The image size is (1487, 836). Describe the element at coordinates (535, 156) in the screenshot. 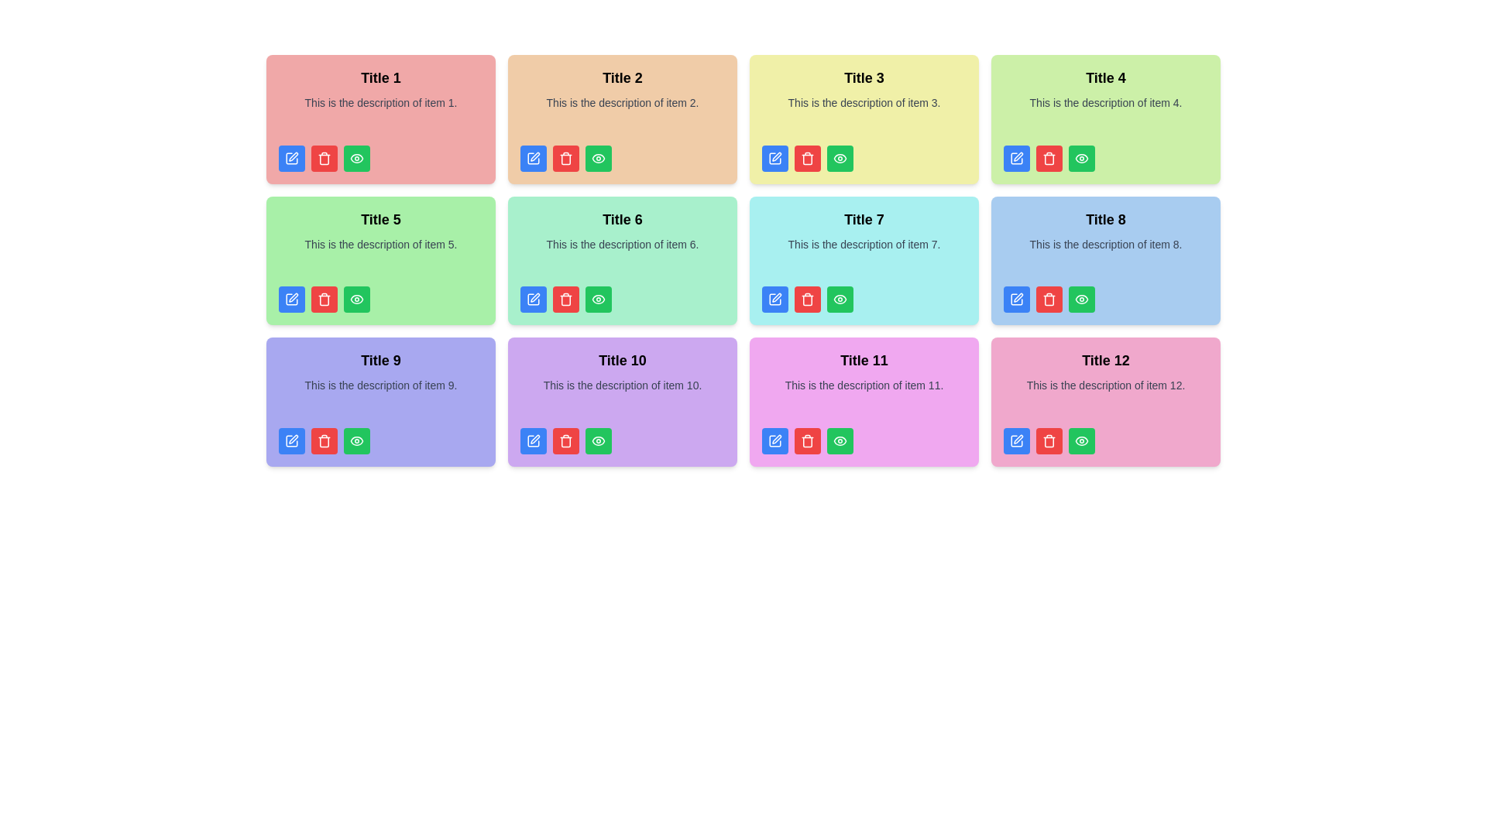

I see `the pen tool icon button located at the bottom of the colored rectangular card labeled 'Title 2'` at that location.